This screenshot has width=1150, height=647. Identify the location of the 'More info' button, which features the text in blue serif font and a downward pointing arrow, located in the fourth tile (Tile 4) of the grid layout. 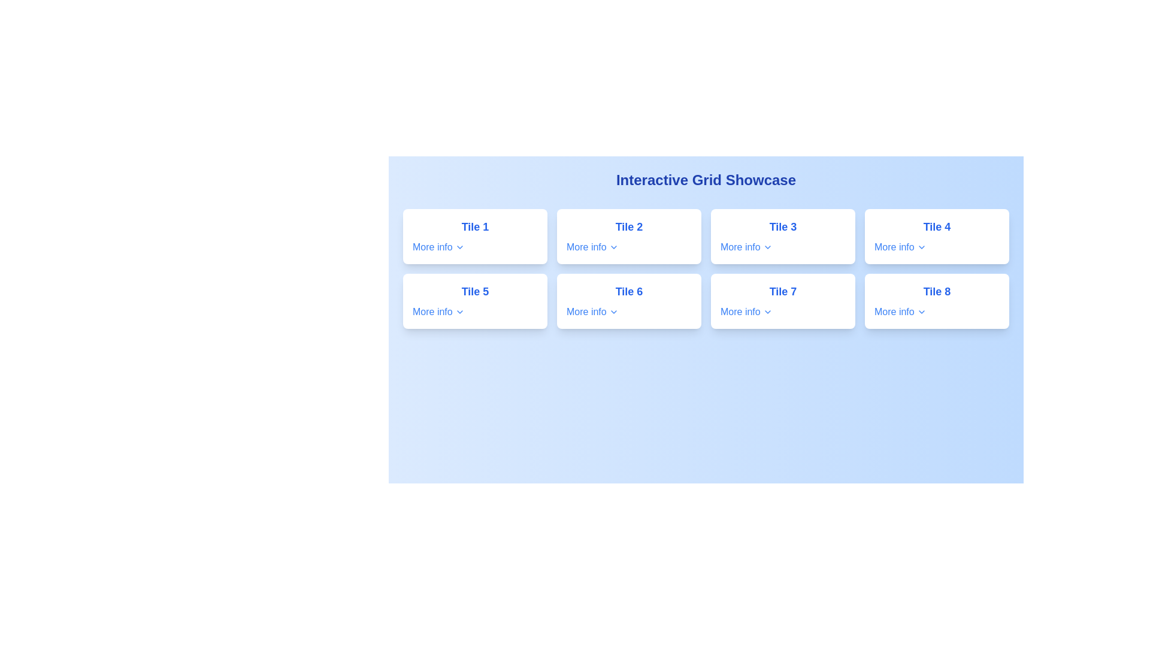
(900, 246).